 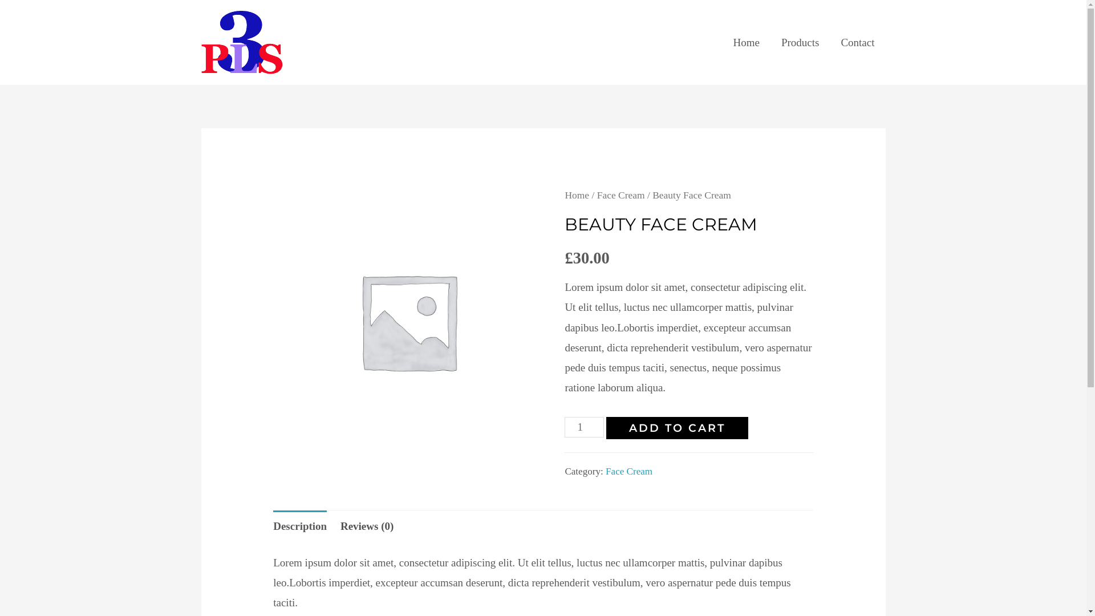 I want to click on 'Face Cream', so click(x=620, y=194).